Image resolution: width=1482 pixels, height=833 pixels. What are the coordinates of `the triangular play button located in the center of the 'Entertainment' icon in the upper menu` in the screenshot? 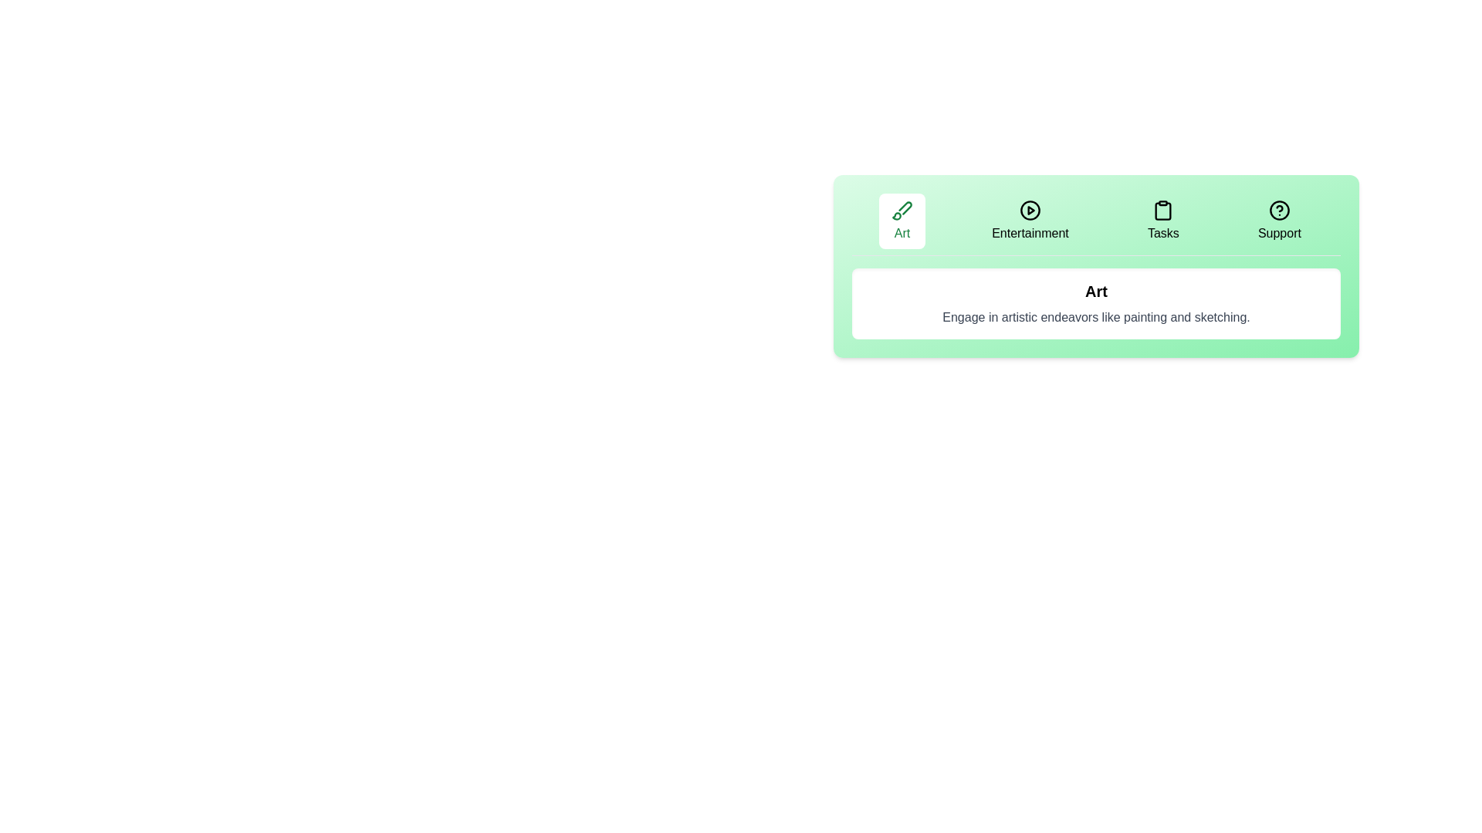 It's located at (1031, 211).